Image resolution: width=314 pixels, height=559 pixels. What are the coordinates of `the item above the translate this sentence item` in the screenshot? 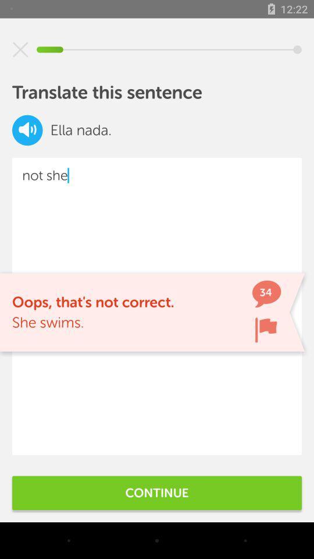 It's located at (20, 49).